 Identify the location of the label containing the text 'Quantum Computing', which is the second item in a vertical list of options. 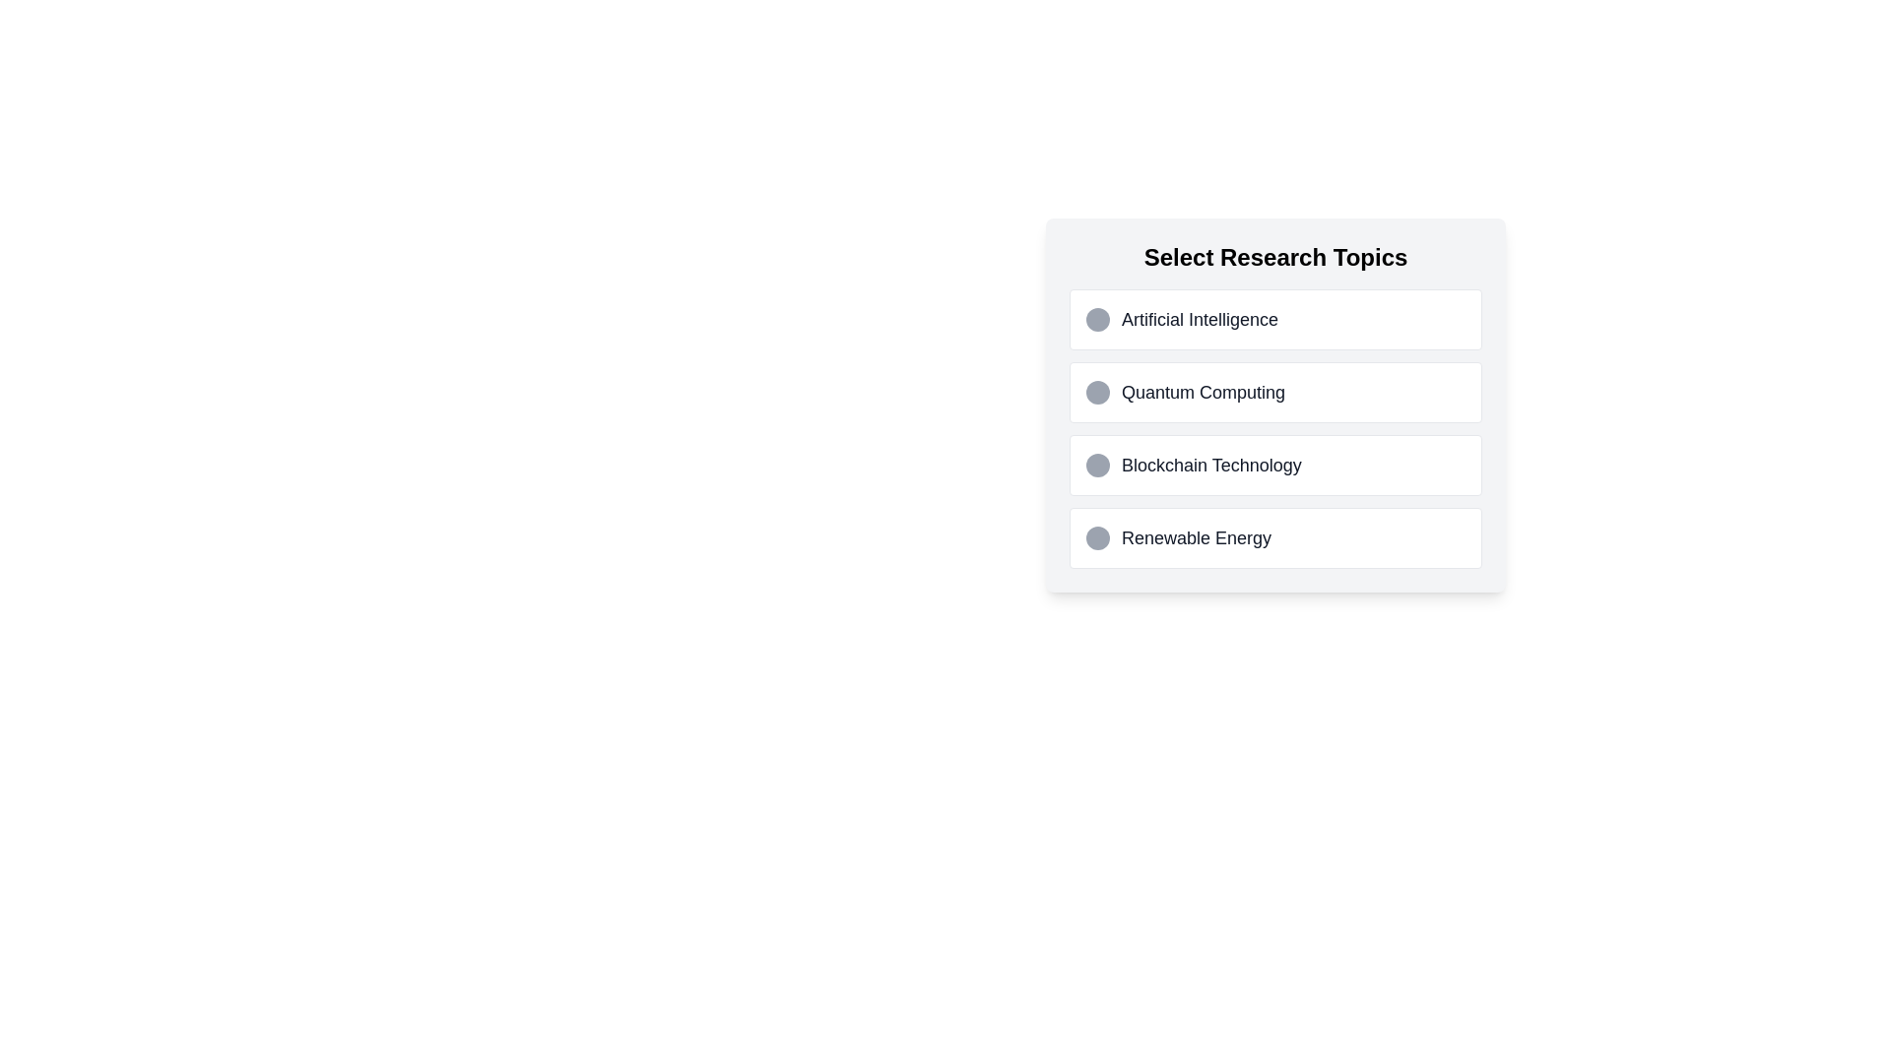
(1275, 392).